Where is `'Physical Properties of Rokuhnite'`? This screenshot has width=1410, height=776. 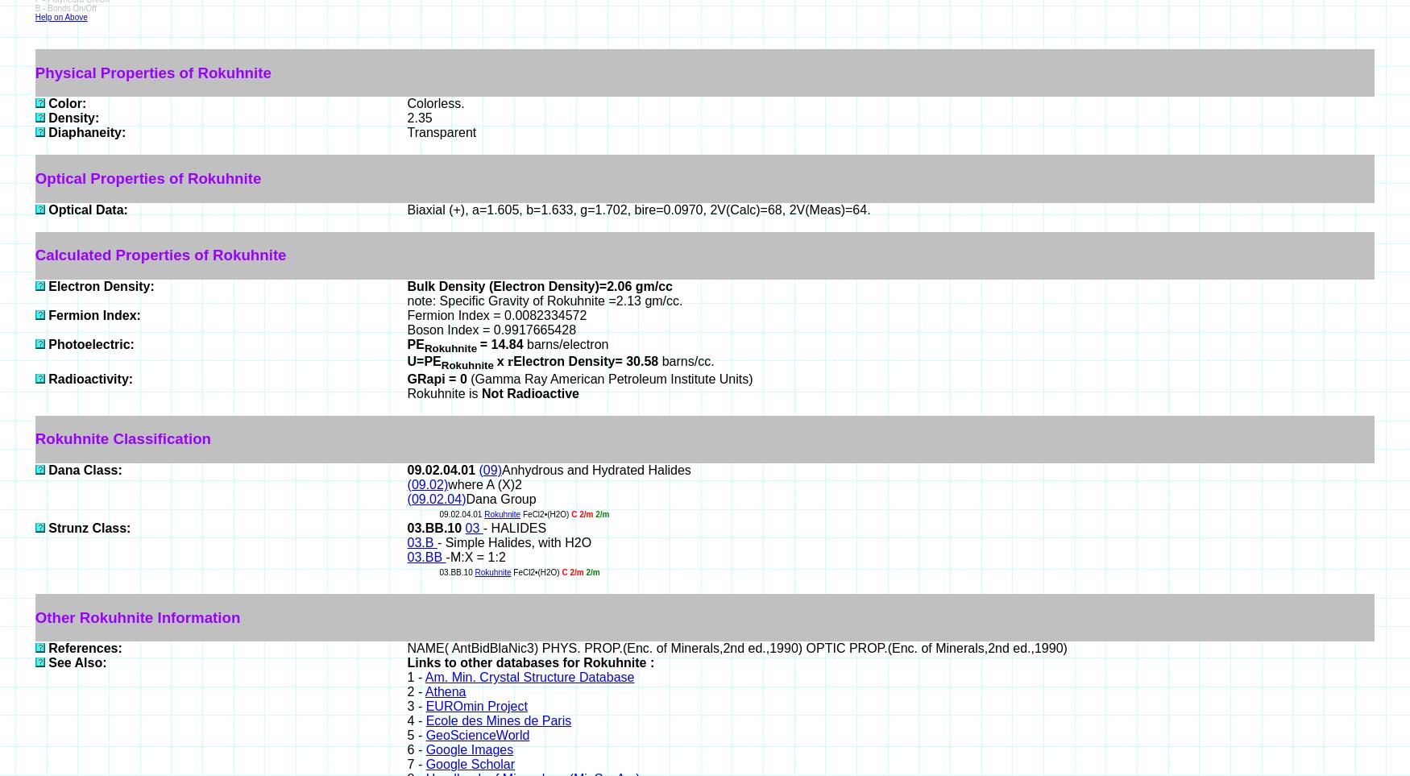
'Physical Properties of Rokuhnite' is located at coordinates (152, 71).